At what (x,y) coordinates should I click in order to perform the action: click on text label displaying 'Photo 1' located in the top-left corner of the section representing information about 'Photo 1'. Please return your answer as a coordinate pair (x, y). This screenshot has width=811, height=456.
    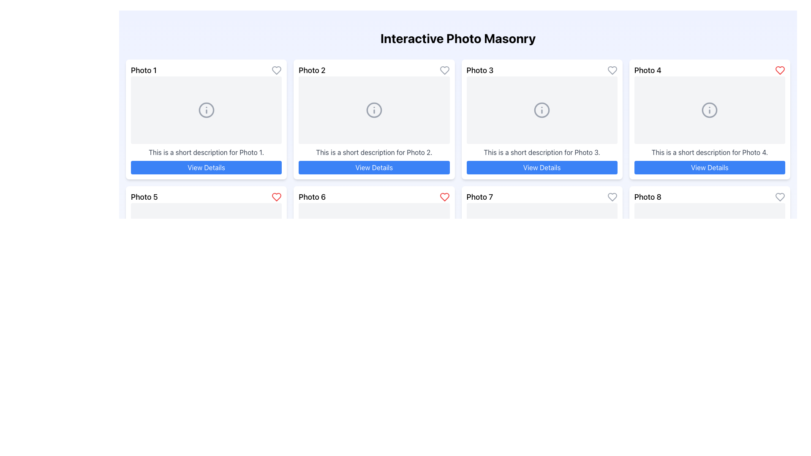
    Looking at the image, I should click on (144, 70).